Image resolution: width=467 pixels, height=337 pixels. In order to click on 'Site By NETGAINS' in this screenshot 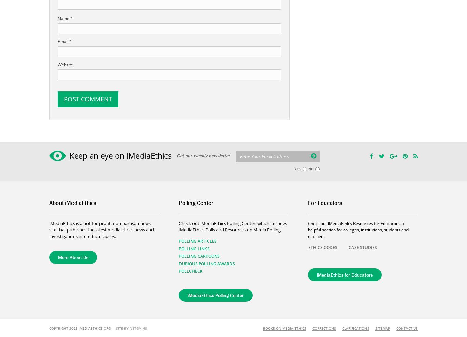, I will do `click(131, 328)`.